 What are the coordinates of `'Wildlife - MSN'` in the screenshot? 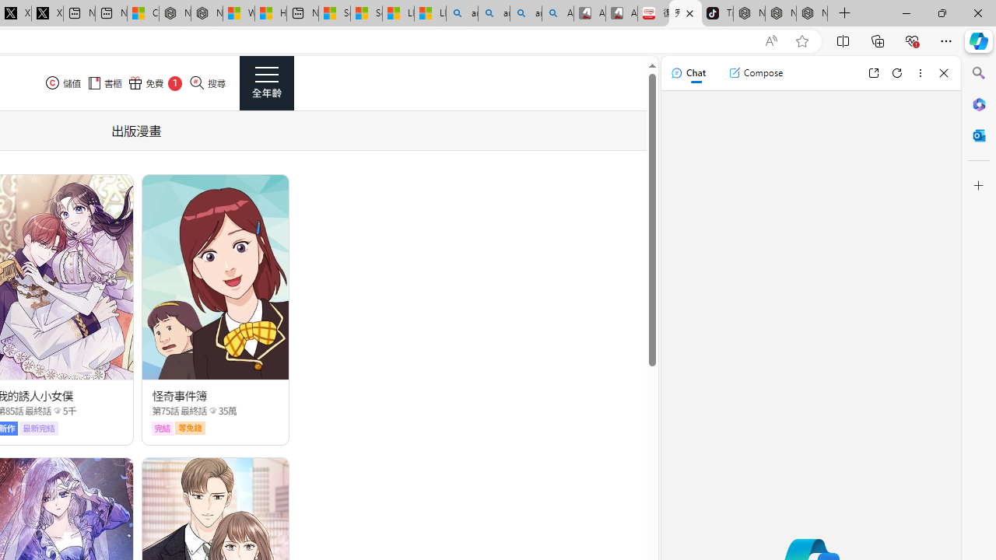 It's located at (237, 13).